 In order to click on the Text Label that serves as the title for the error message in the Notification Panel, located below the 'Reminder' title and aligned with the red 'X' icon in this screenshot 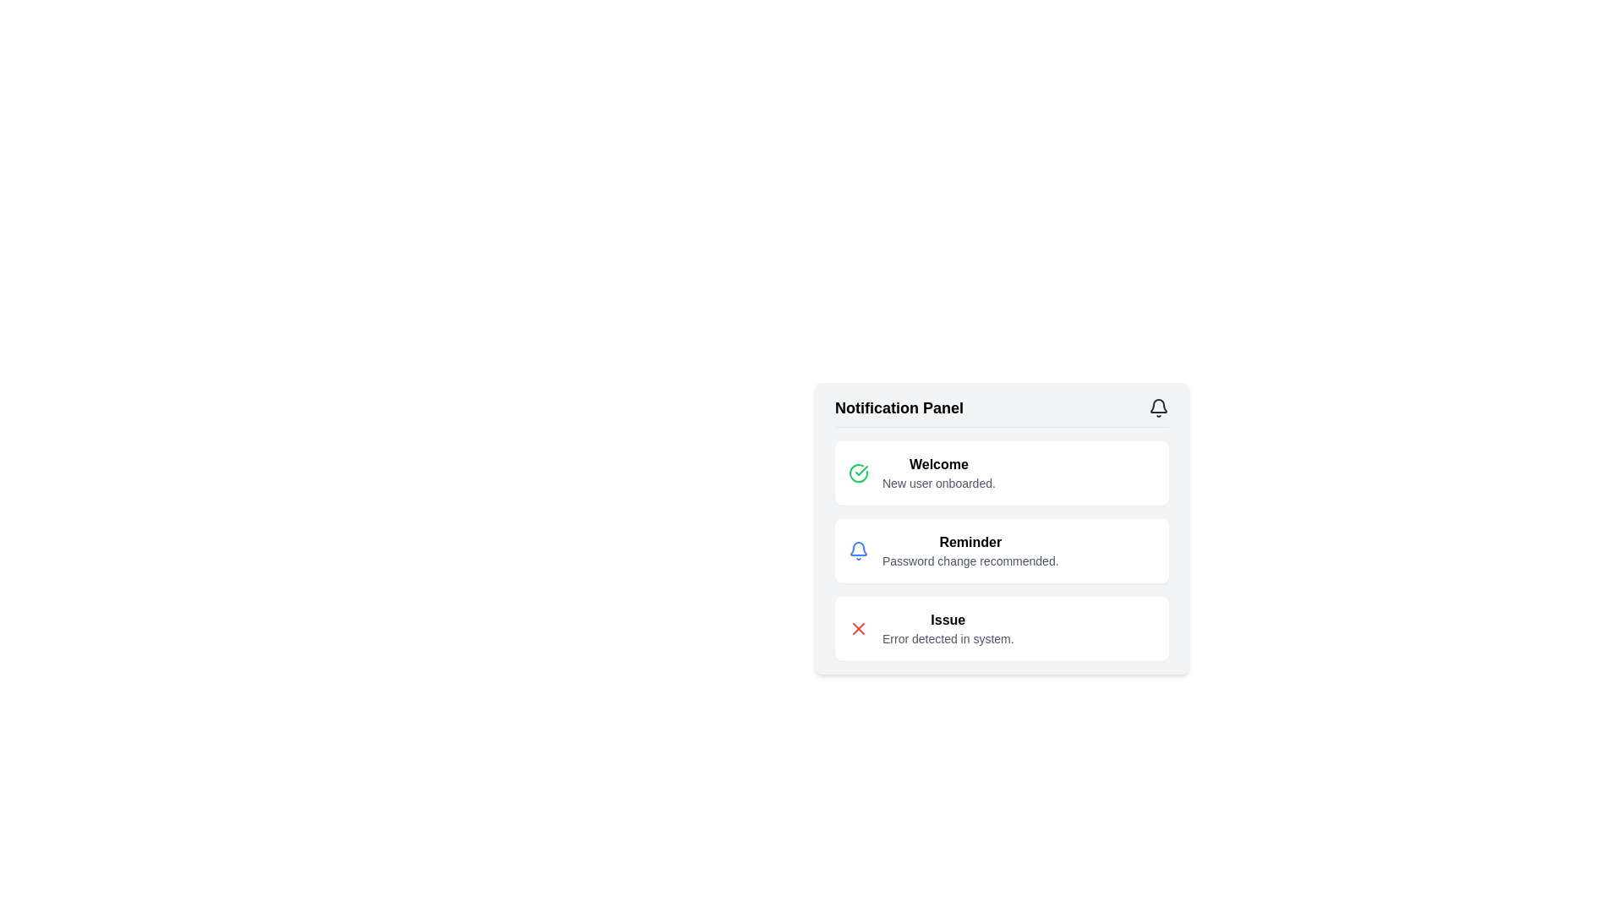, I will do `click(948, 620)`.